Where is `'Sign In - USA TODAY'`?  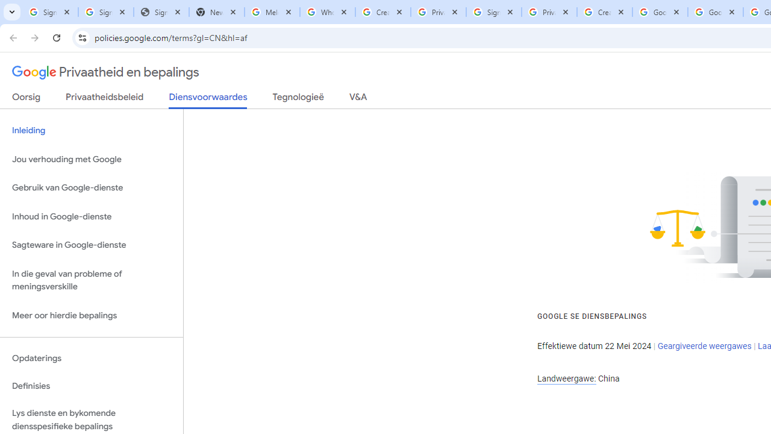 'Sign In - USA TODAY' is located at coordinates (160, 12).